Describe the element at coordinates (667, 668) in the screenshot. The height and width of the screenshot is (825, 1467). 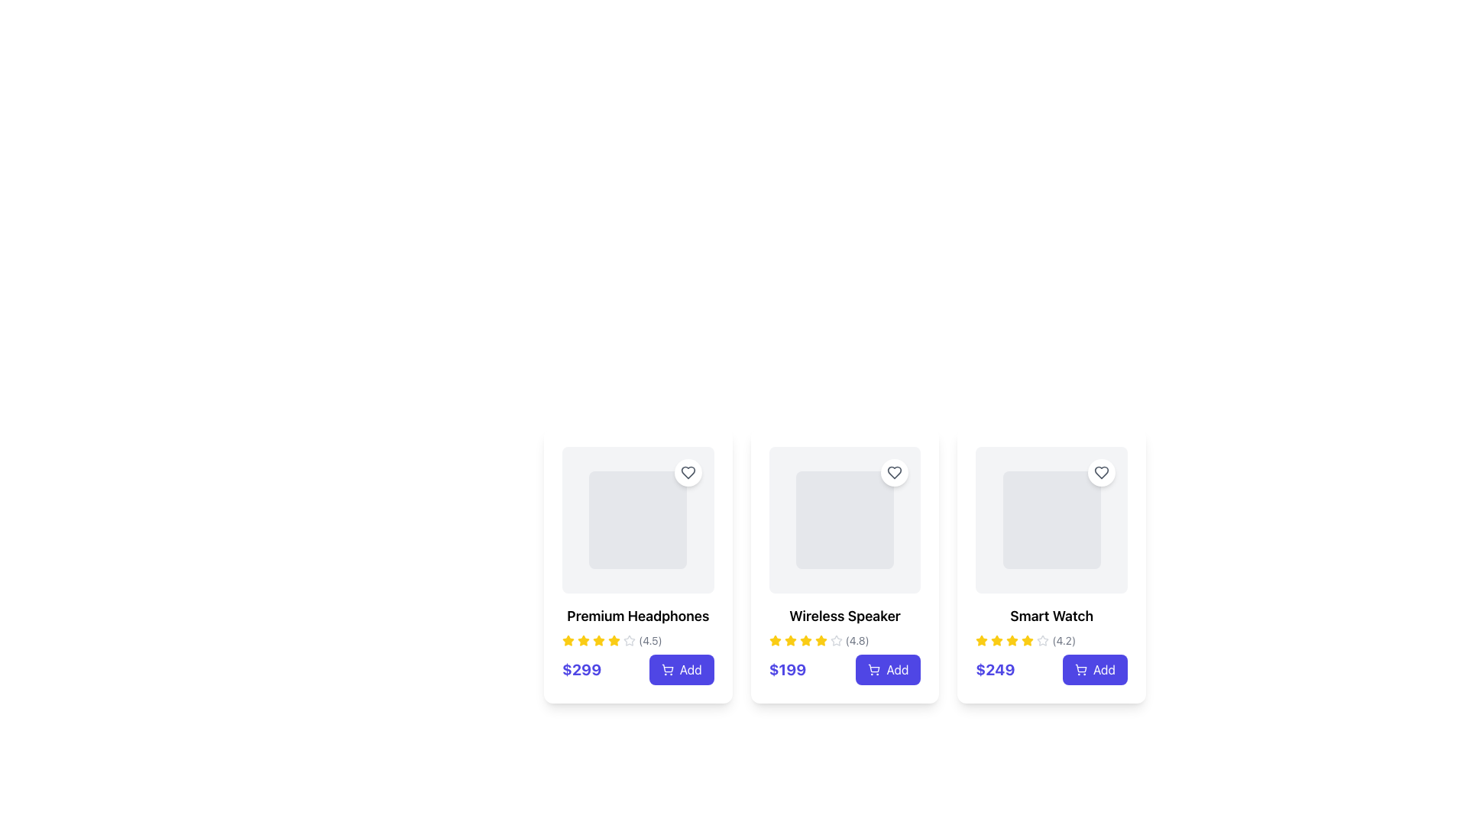
I see `the shopping cart icon located at the center of the blue 'Add' button for the 'Premium Headphones' product card, which is positioned at the lower-right corner of the card` at that location.